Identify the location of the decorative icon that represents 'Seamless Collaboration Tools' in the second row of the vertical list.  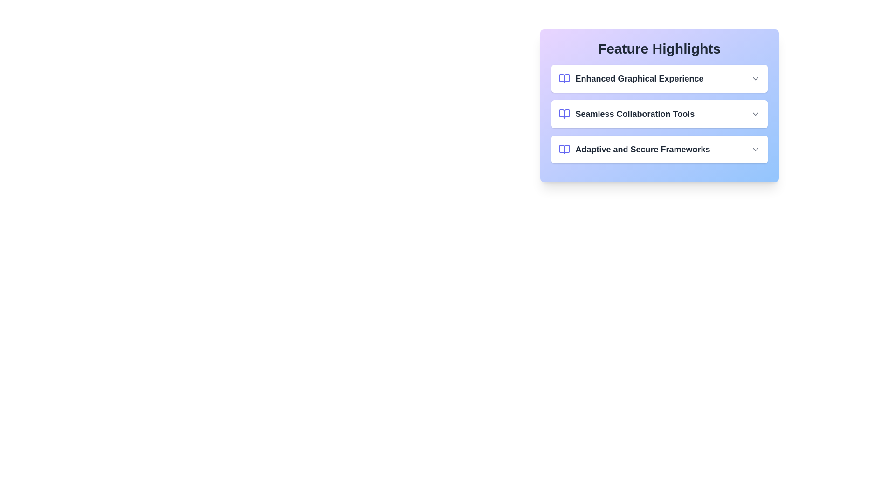
(564, 114).